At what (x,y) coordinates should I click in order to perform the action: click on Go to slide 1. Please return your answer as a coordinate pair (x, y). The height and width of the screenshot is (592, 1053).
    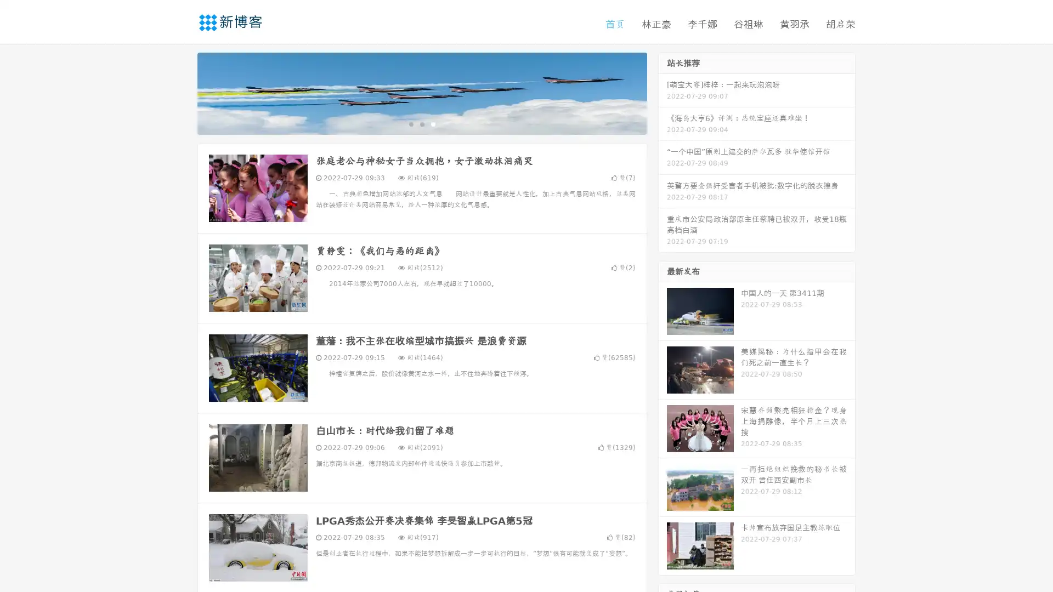
    Looking at the image, I should click on (410, 123).